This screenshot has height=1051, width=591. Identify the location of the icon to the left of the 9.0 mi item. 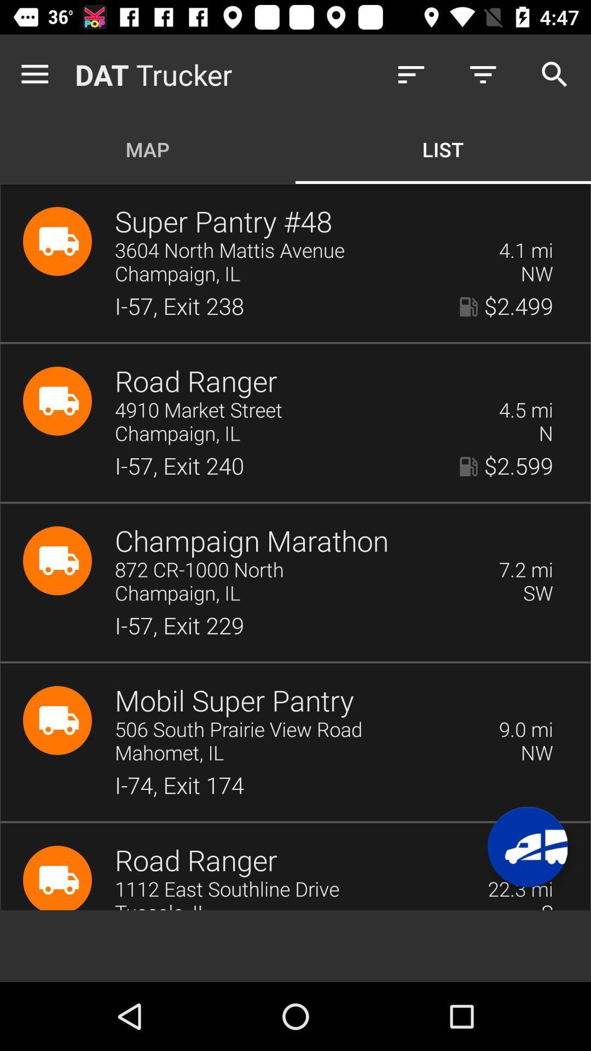
(299, 730).